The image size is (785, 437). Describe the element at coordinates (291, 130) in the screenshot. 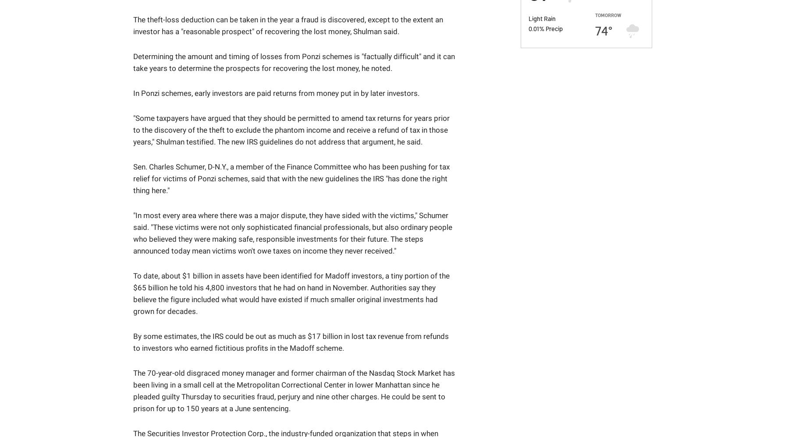

I see `'"Some taxpayers have argued that they should be permitted to amend tax returns for years prior to the discovery of the theft to exclude the phantom income and receive a refund of tax in those years," Shulman testified. The new IRS guidelines do not address that argument, he said.'` at that location.